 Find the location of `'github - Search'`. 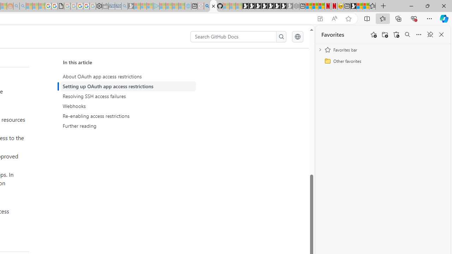

'github - Search' is located at coordinates (207, 6).